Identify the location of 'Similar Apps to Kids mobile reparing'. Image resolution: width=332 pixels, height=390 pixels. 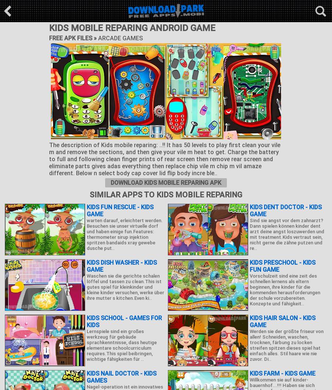
(89, 194).